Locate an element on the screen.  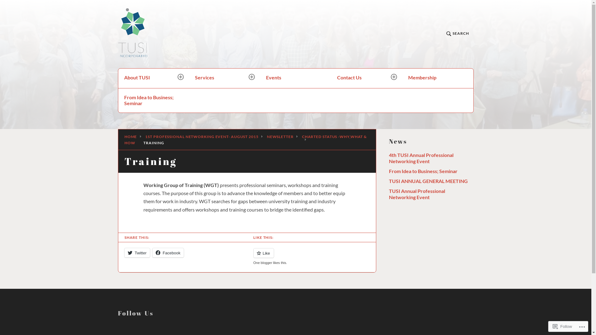
'Contact Us' is located at coordinates (330, 78).